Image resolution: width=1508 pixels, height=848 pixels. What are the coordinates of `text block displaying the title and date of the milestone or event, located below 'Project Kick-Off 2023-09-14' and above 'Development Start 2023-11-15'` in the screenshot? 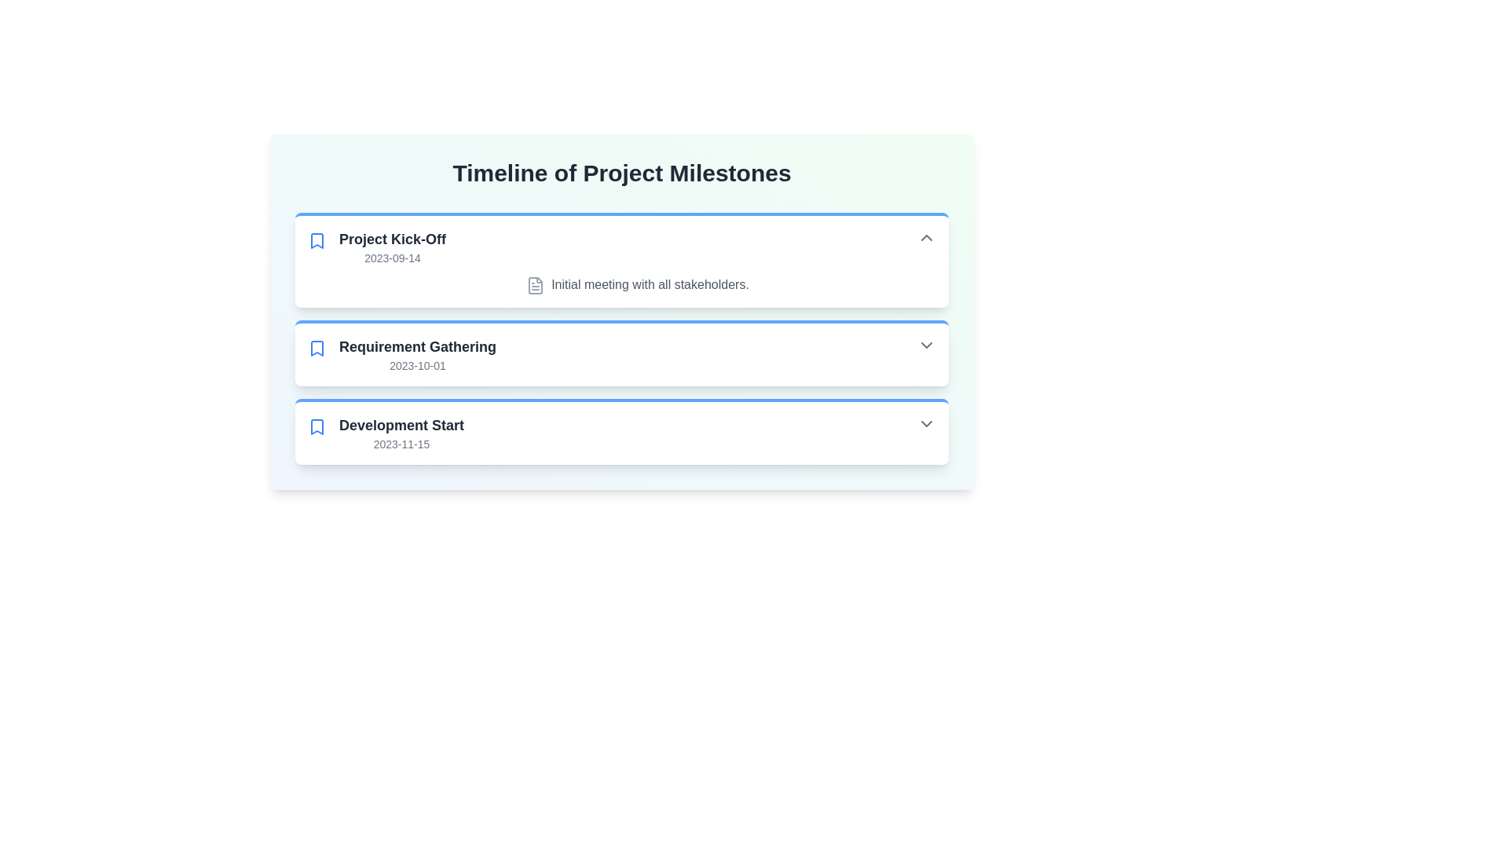 It's located at (418, 354).